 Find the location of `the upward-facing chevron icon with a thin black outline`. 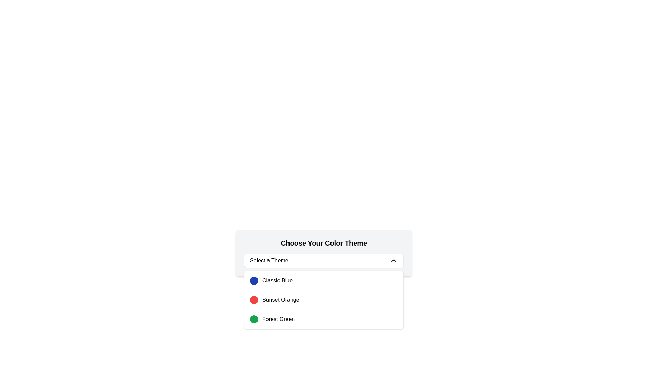

the upward-facing chevron icon with a thin black outline is located at coordinates (394, 260).